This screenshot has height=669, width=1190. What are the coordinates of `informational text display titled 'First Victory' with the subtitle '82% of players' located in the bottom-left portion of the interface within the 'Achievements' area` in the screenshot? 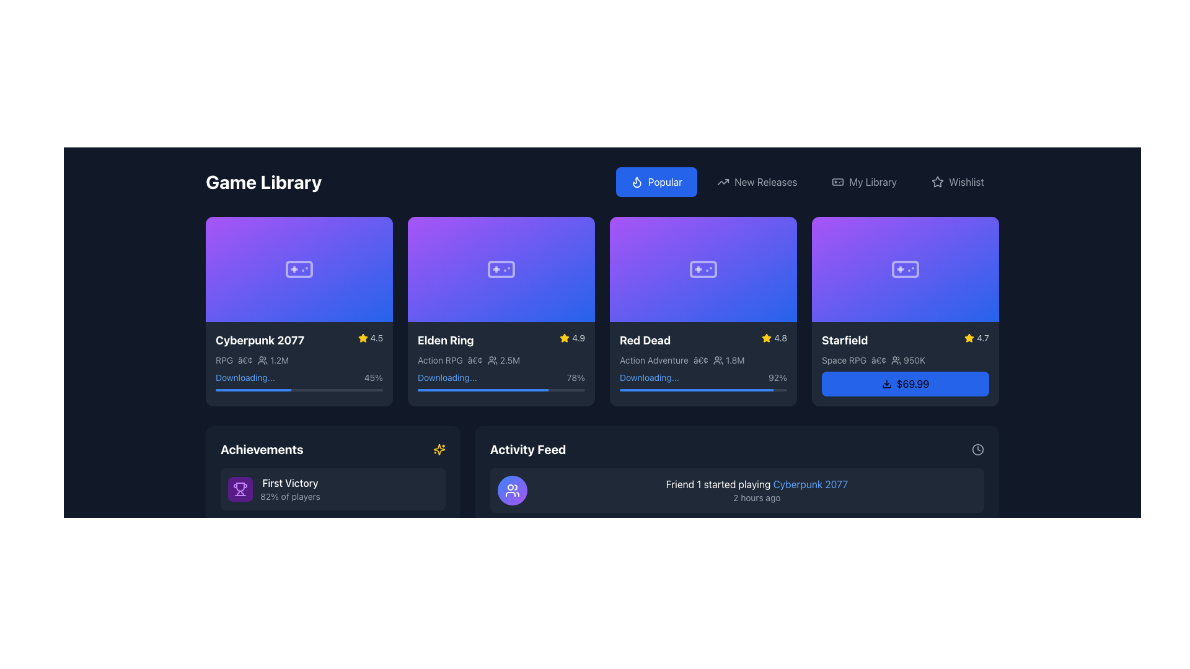 It's located at (289, 488).